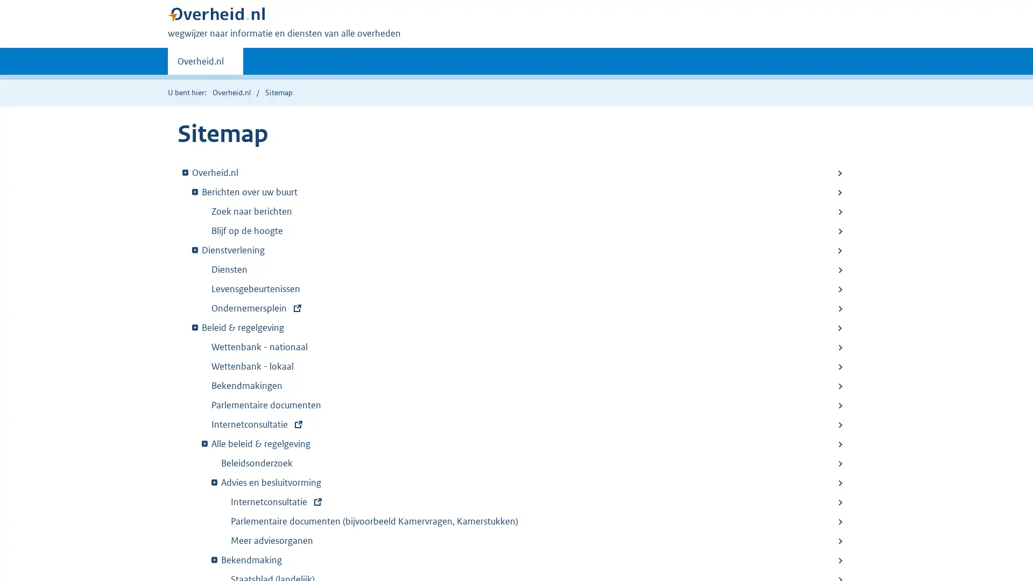 Image resolution: width=1033 pixels, height=581 pixels. Describe the element at coordinates (195, 249) in the screenshot. I see `Verberg onderliggende` at that location.